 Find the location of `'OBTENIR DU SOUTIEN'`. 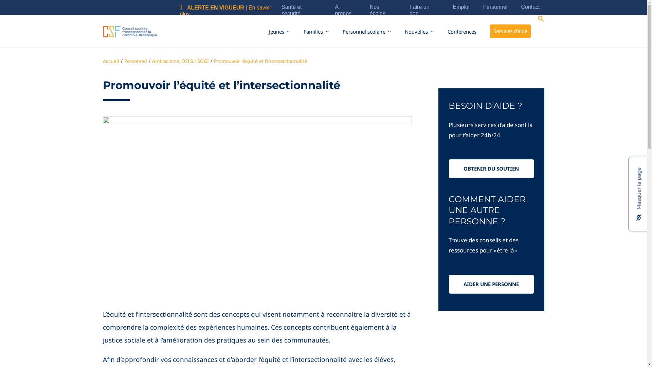

'OBTENIR DU SOUTIEN' is located at coordinates (491, 168).